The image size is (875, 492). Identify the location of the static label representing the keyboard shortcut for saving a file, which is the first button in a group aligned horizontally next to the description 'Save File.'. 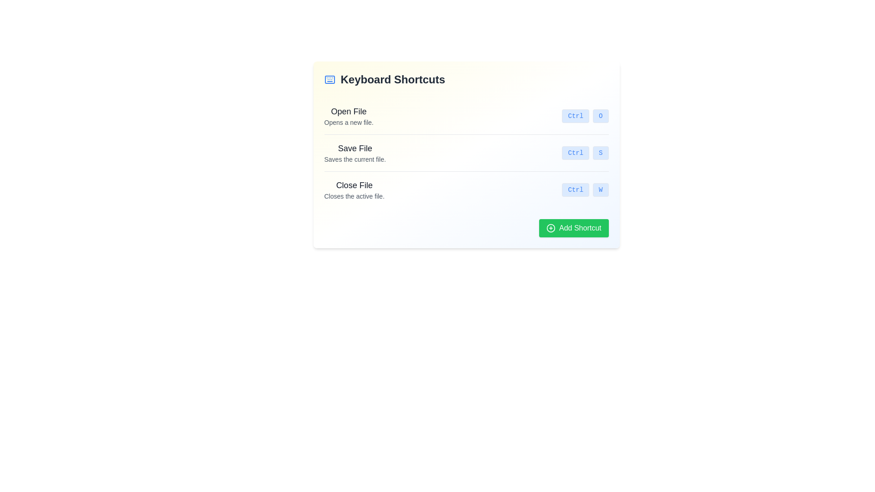
(575, 152).